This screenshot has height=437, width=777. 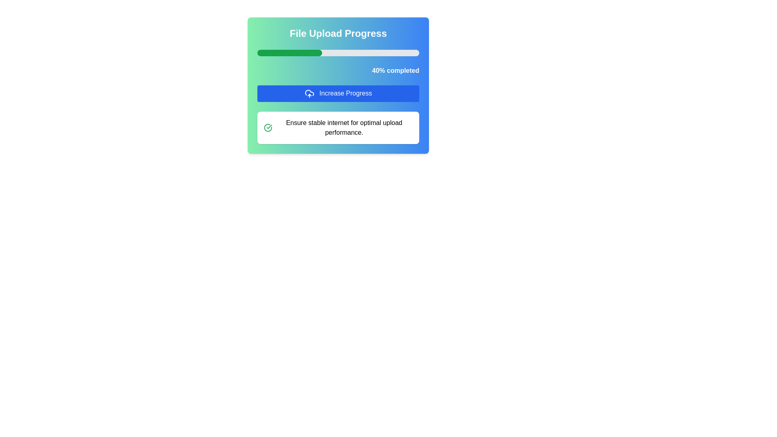 I want to click on the informational message box that contains the text 'Ensure stable internet for optimal upload performance.', so click(x=338, y=127).